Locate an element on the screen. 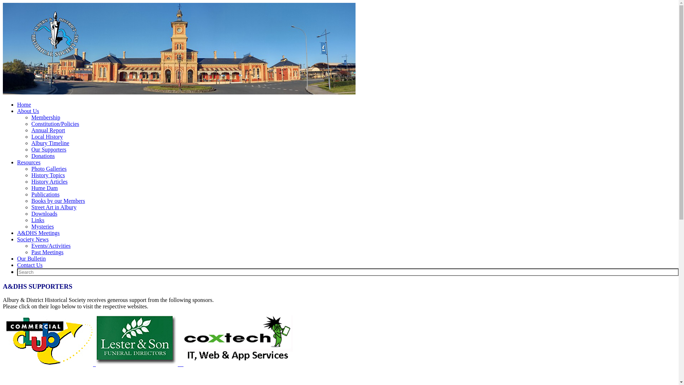 The width and height of the screenshot is (684, 385). 'Our Bulletin' is located at coordinates (31, 258).